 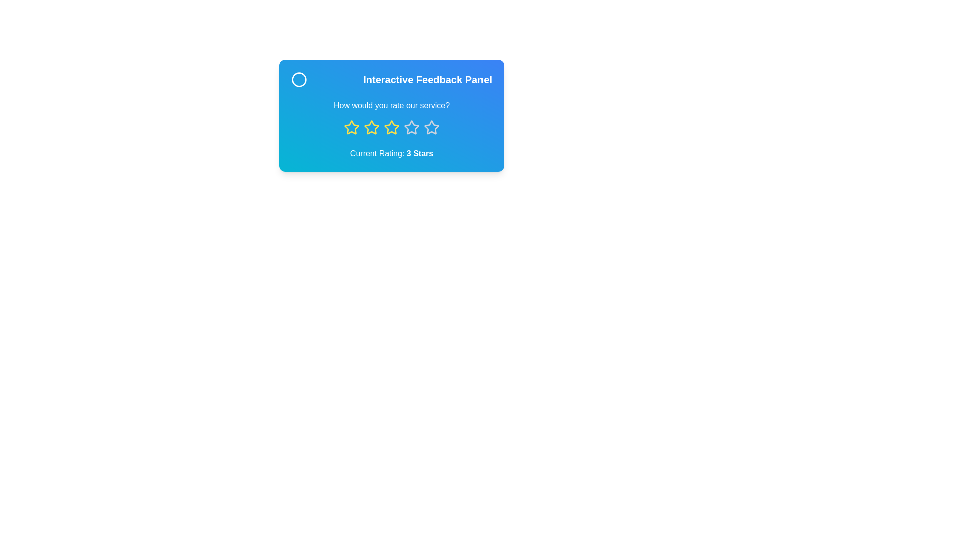 What do you see at coordinates (391, 79) in the screenshot?
I see `the 'Interactive Feedback Panel' text label, which is styled with a bold white font and positioned next to a circular icon on a gradient cyan to blue background` at bounding box center [391, 79].